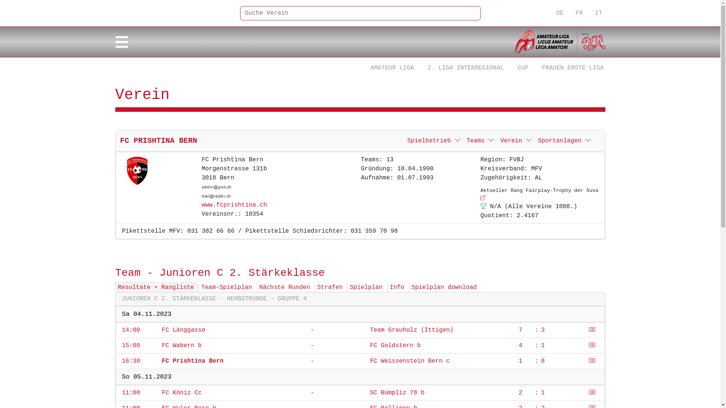 The height and width of the screenshot is (408, 726). I want to click on 'Team-Spielplan', so click(226, 287).